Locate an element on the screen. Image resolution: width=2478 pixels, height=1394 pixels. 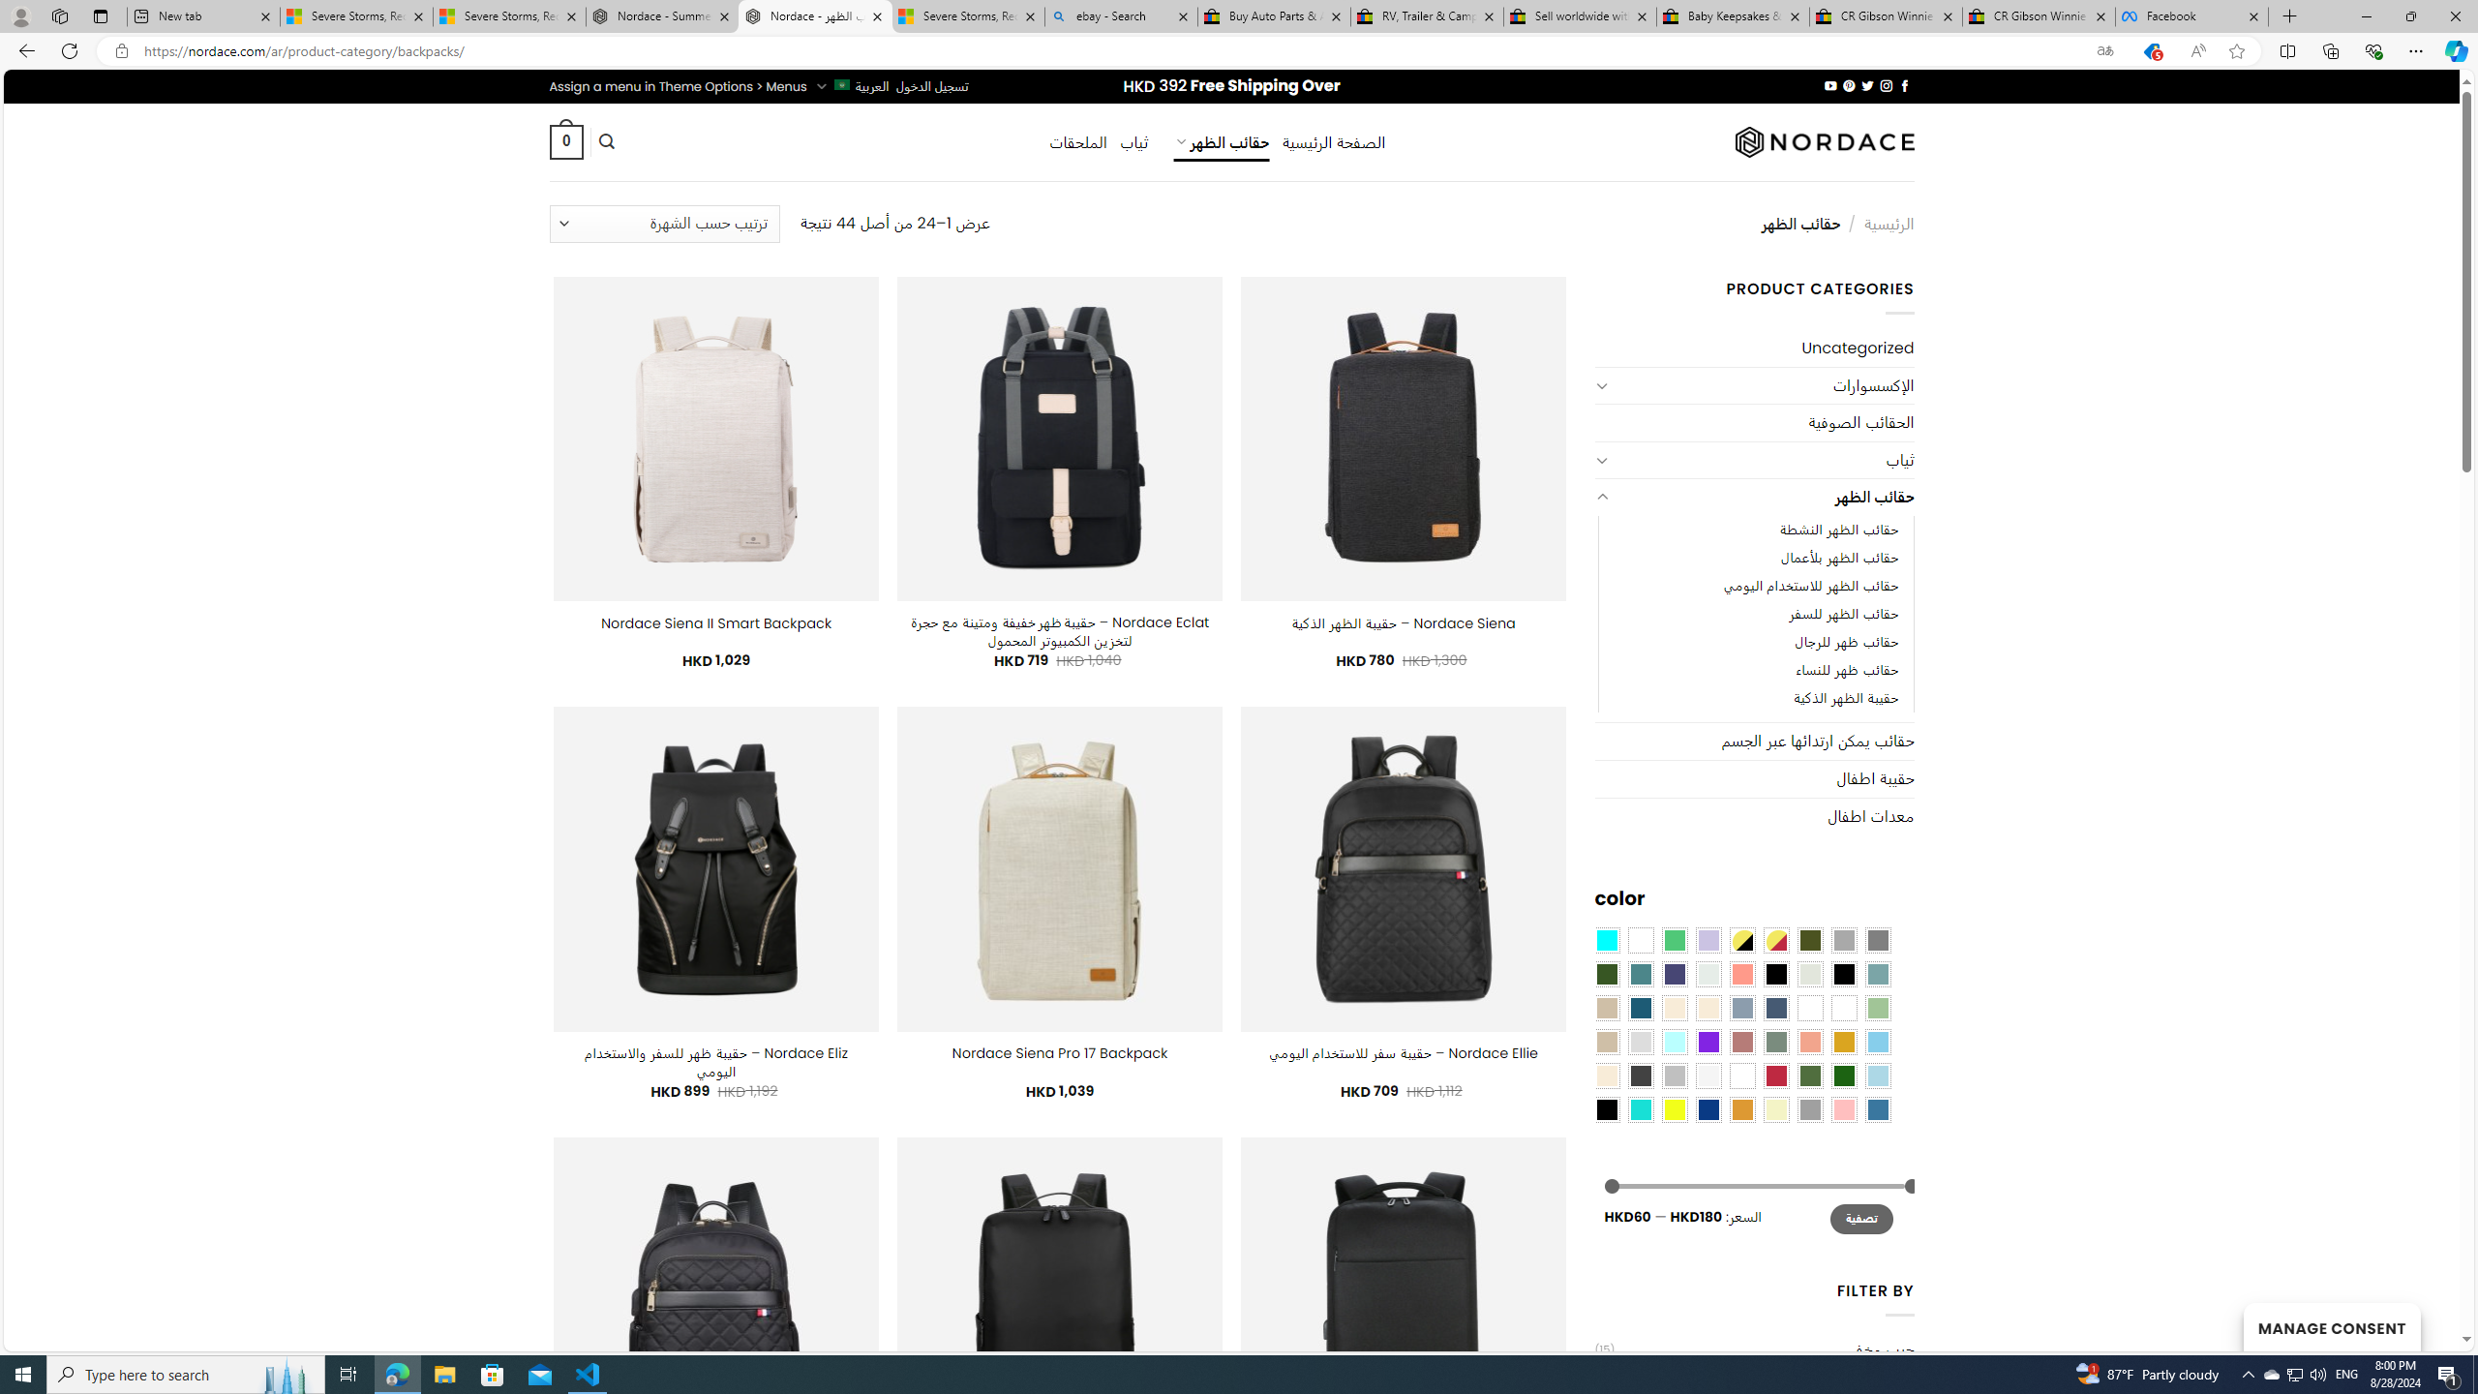
'Aqua Blue' is located at coordinates (1606, 938).